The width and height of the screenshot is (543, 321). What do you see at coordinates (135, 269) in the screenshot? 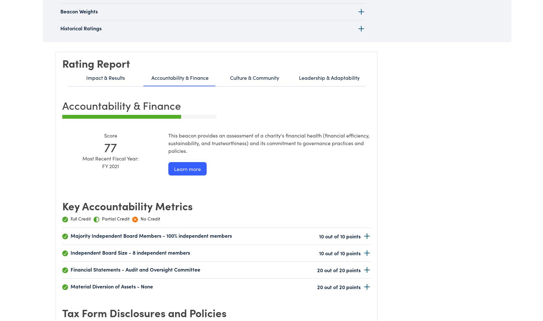
I see `'Financial Statements - Audit and Oversight Committee'` at bounding box center [135, 269].